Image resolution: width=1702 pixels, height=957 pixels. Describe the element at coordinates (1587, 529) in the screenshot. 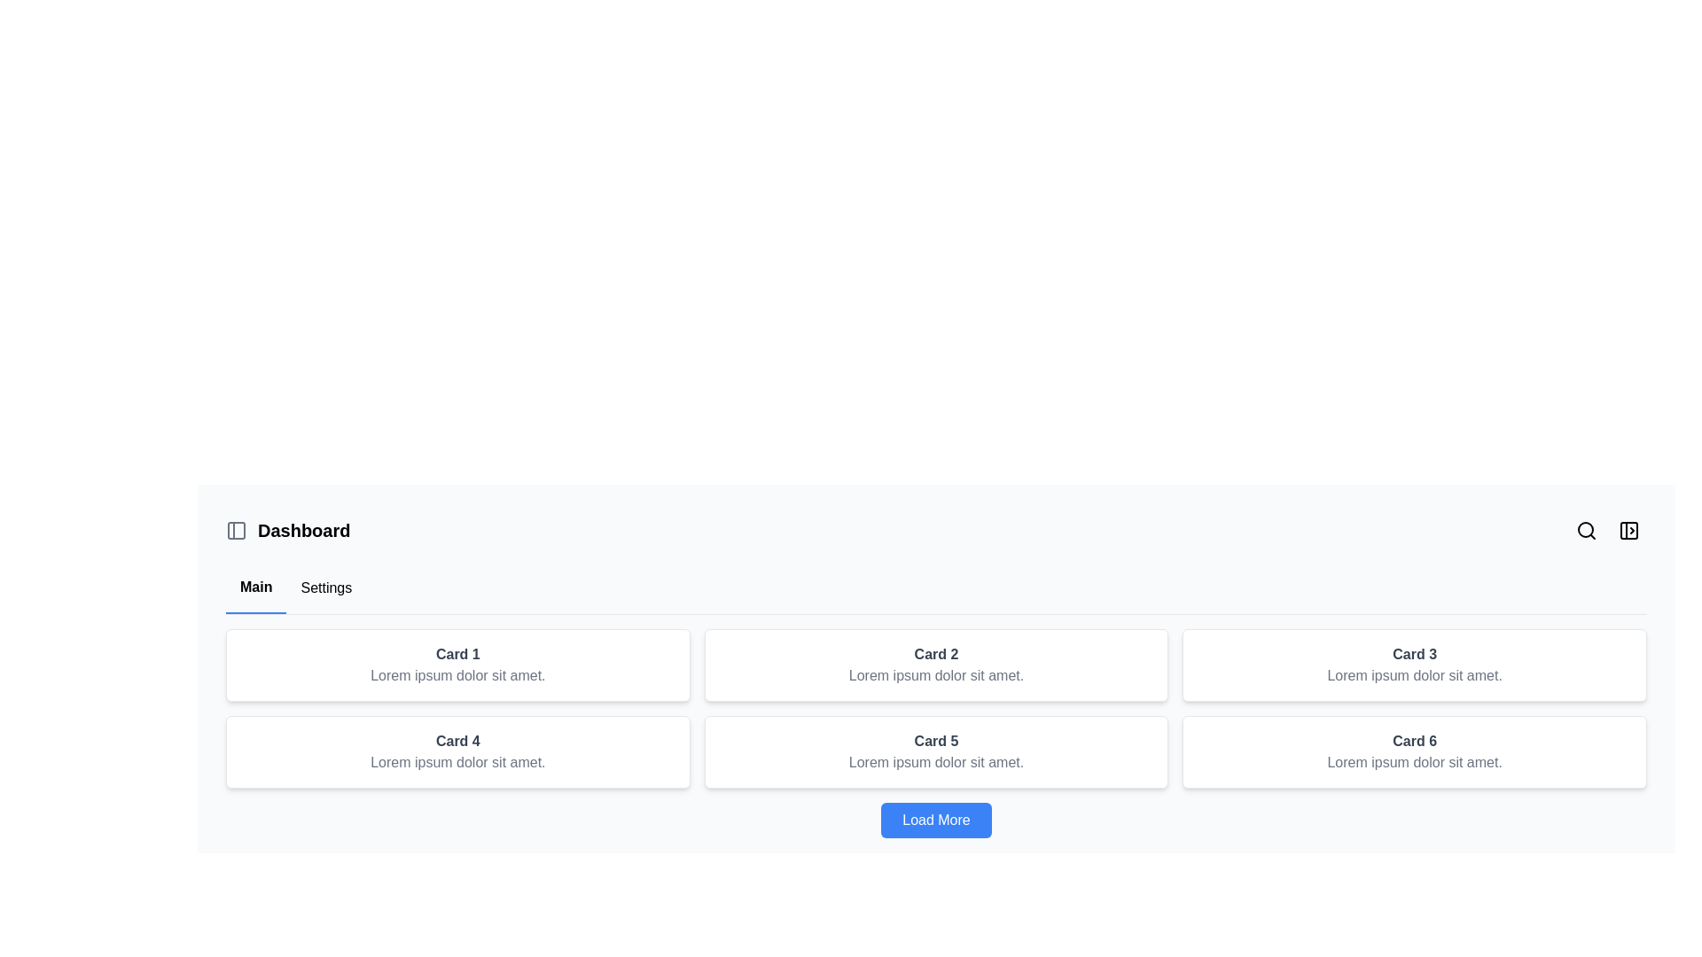

I see `the search icon represented by a magnifying glass located near the top-right corner of the interface to initiate a search action` at that location.